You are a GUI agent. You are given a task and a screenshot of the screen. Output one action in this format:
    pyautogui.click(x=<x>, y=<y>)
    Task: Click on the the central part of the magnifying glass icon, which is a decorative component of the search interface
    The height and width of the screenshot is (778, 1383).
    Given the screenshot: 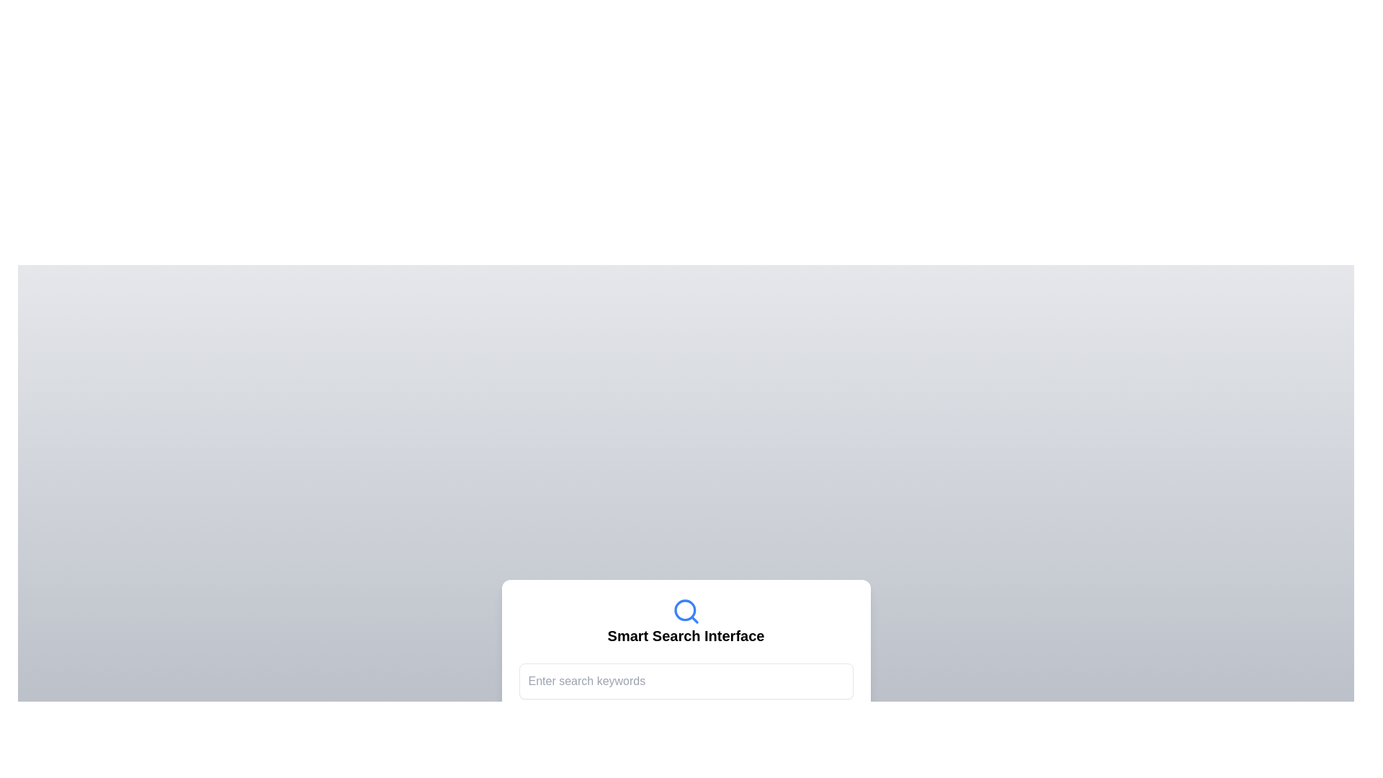 What is the action you would take?
    pyautogui.click(x=684, y=610)
    